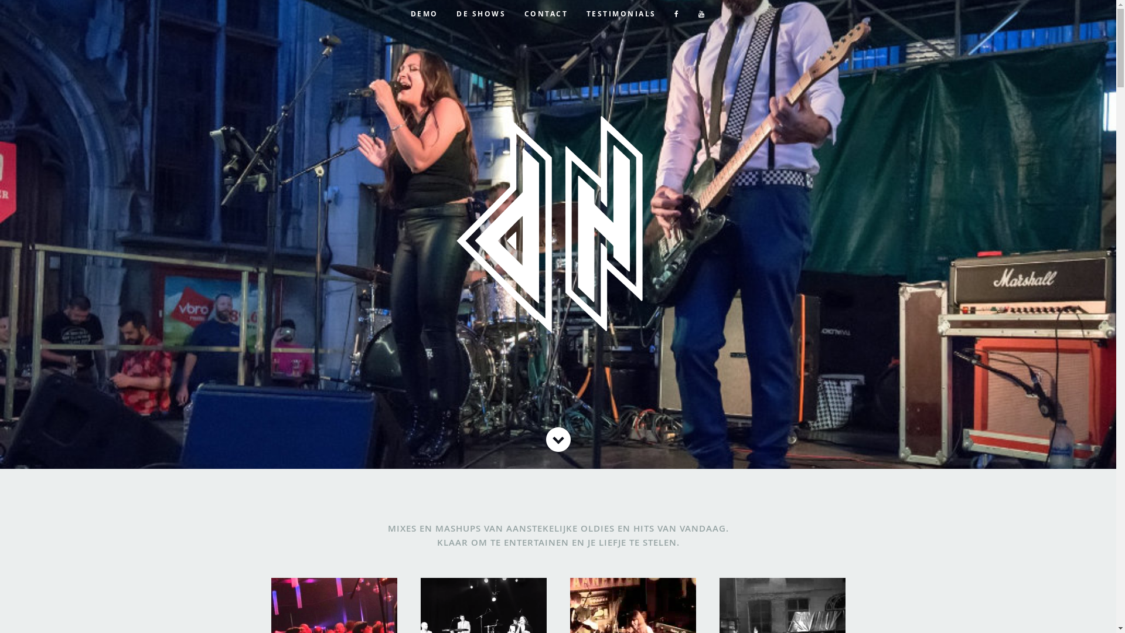  I want to click on 'TESTIMONIALS', so click(621, 13).